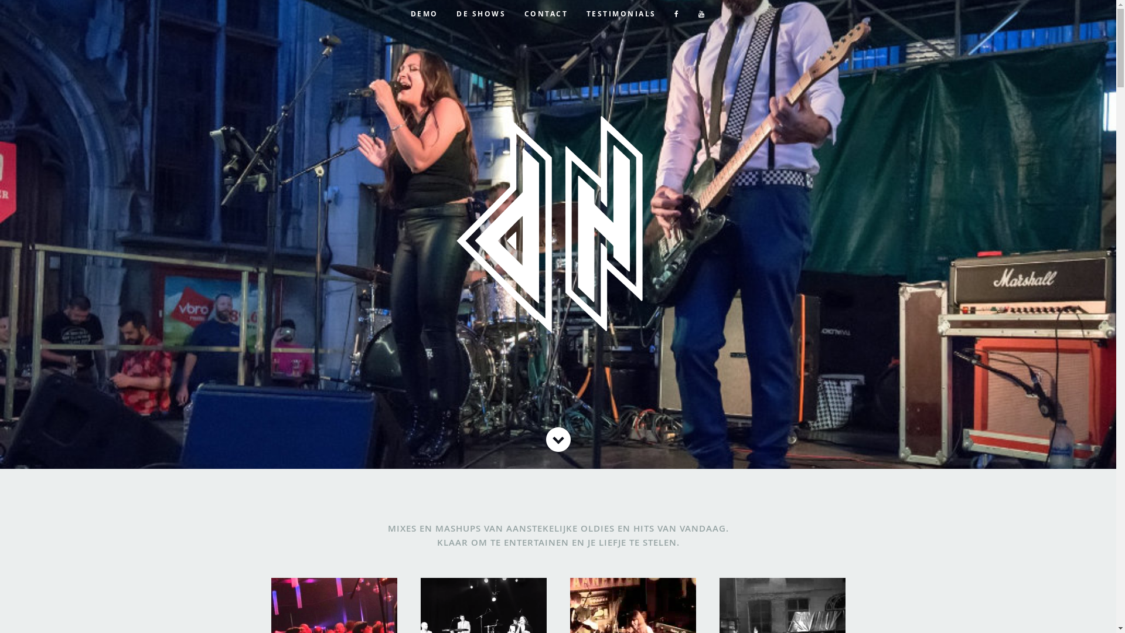  I want to click on 'TESTIMONIALS', so click(621, 13).